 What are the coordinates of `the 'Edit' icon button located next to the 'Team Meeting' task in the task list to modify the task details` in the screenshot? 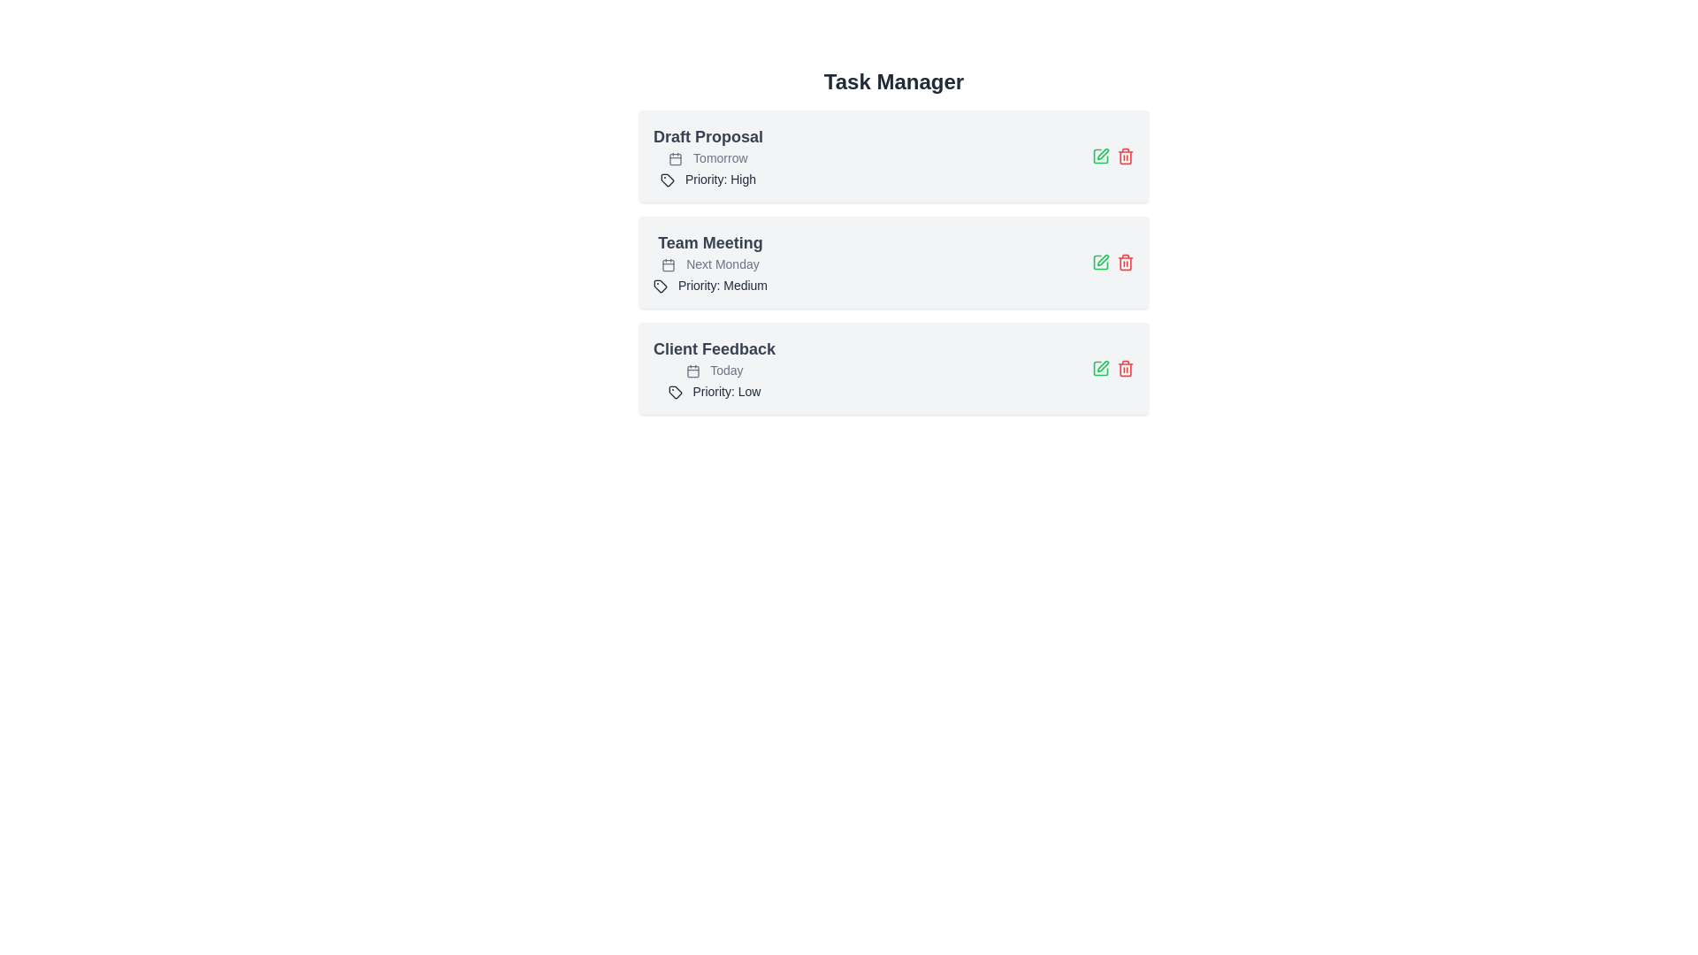 It's located at (1099, 263).